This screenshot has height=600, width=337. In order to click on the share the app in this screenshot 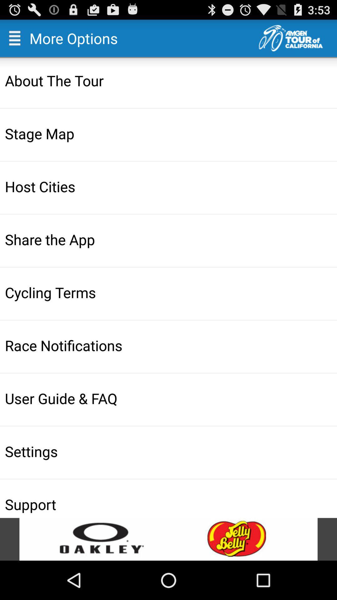, I will do `click(169, 239)`.